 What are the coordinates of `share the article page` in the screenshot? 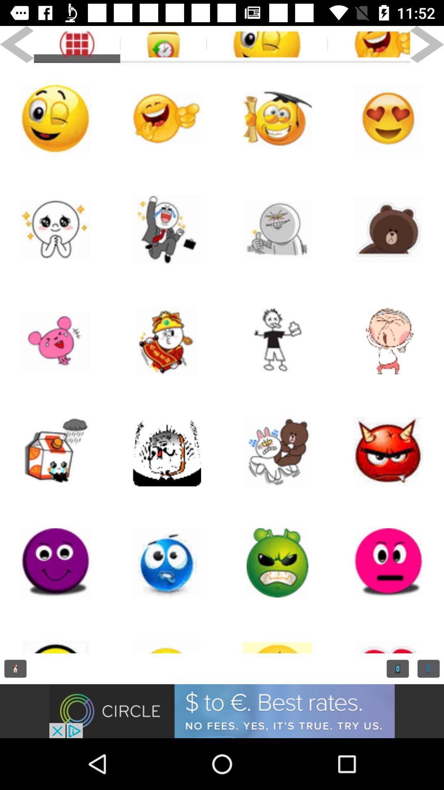 It's located at (277, 341).